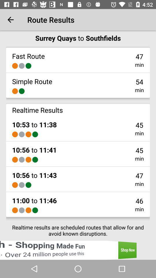 This screenshot has height=278, width=156. What do you see at coordinates (32, 81) in the screenshot?
I see `simple route icon` at bounding box center [32, 81].